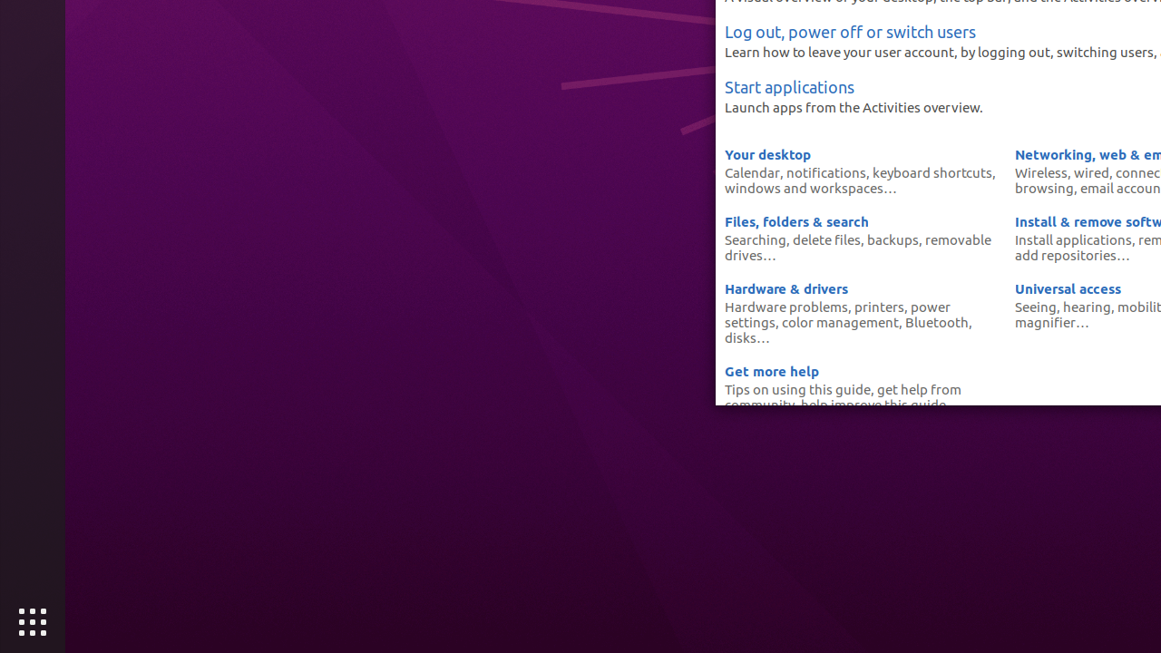  I want to click on 'get help from community', so click(842, 395).